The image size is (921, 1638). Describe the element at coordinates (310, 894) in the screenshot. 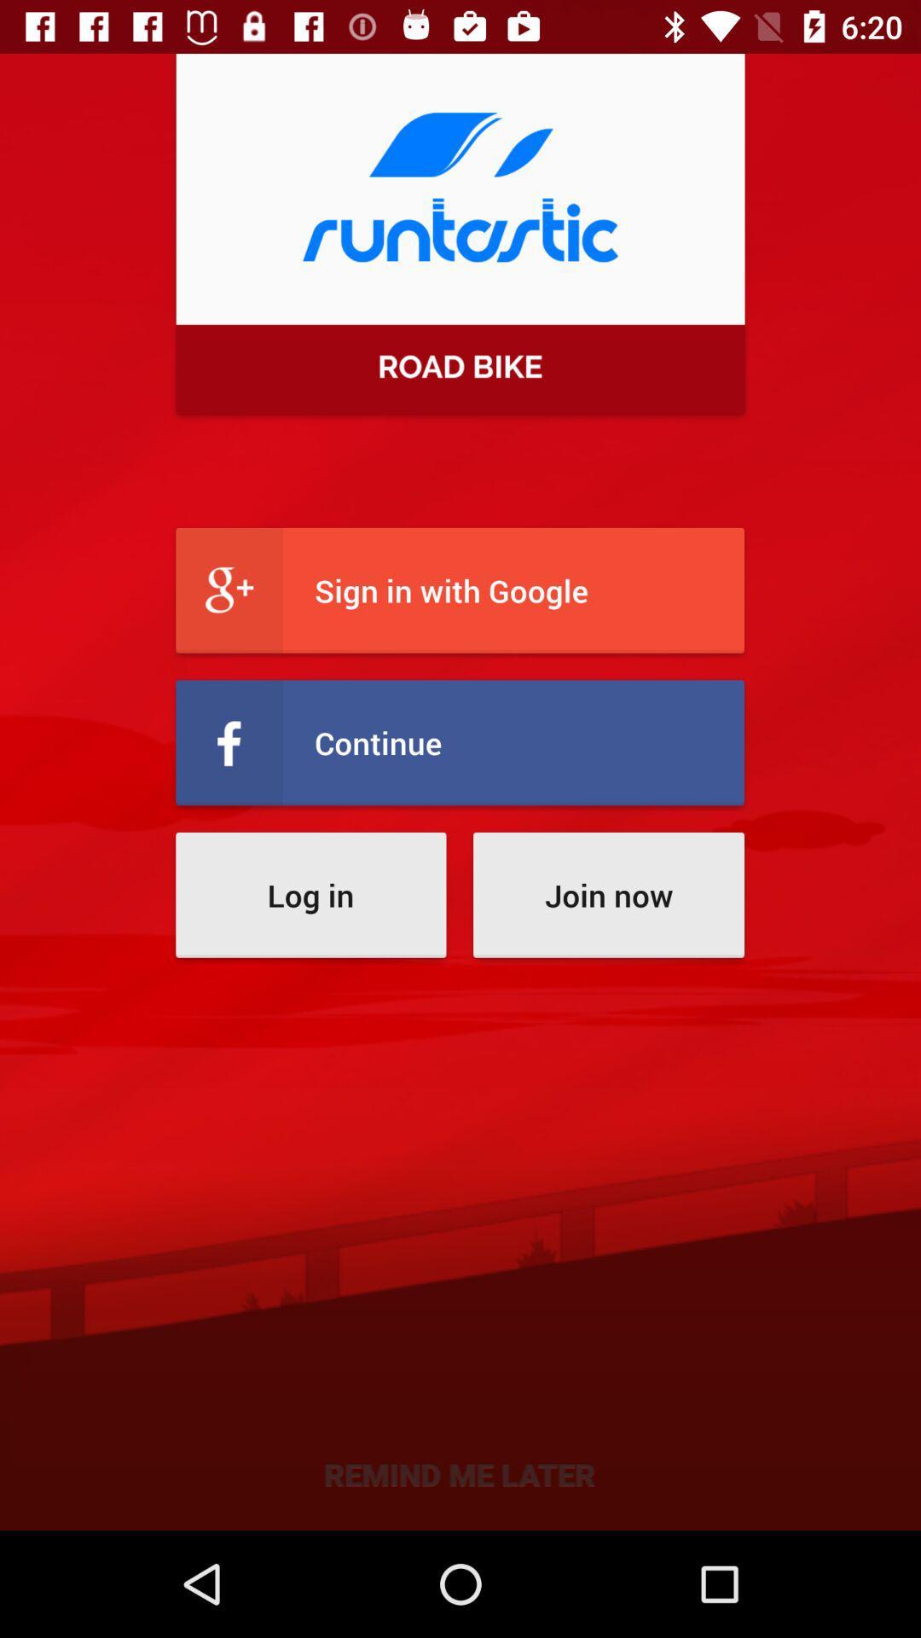

I see `log in item` at that location.